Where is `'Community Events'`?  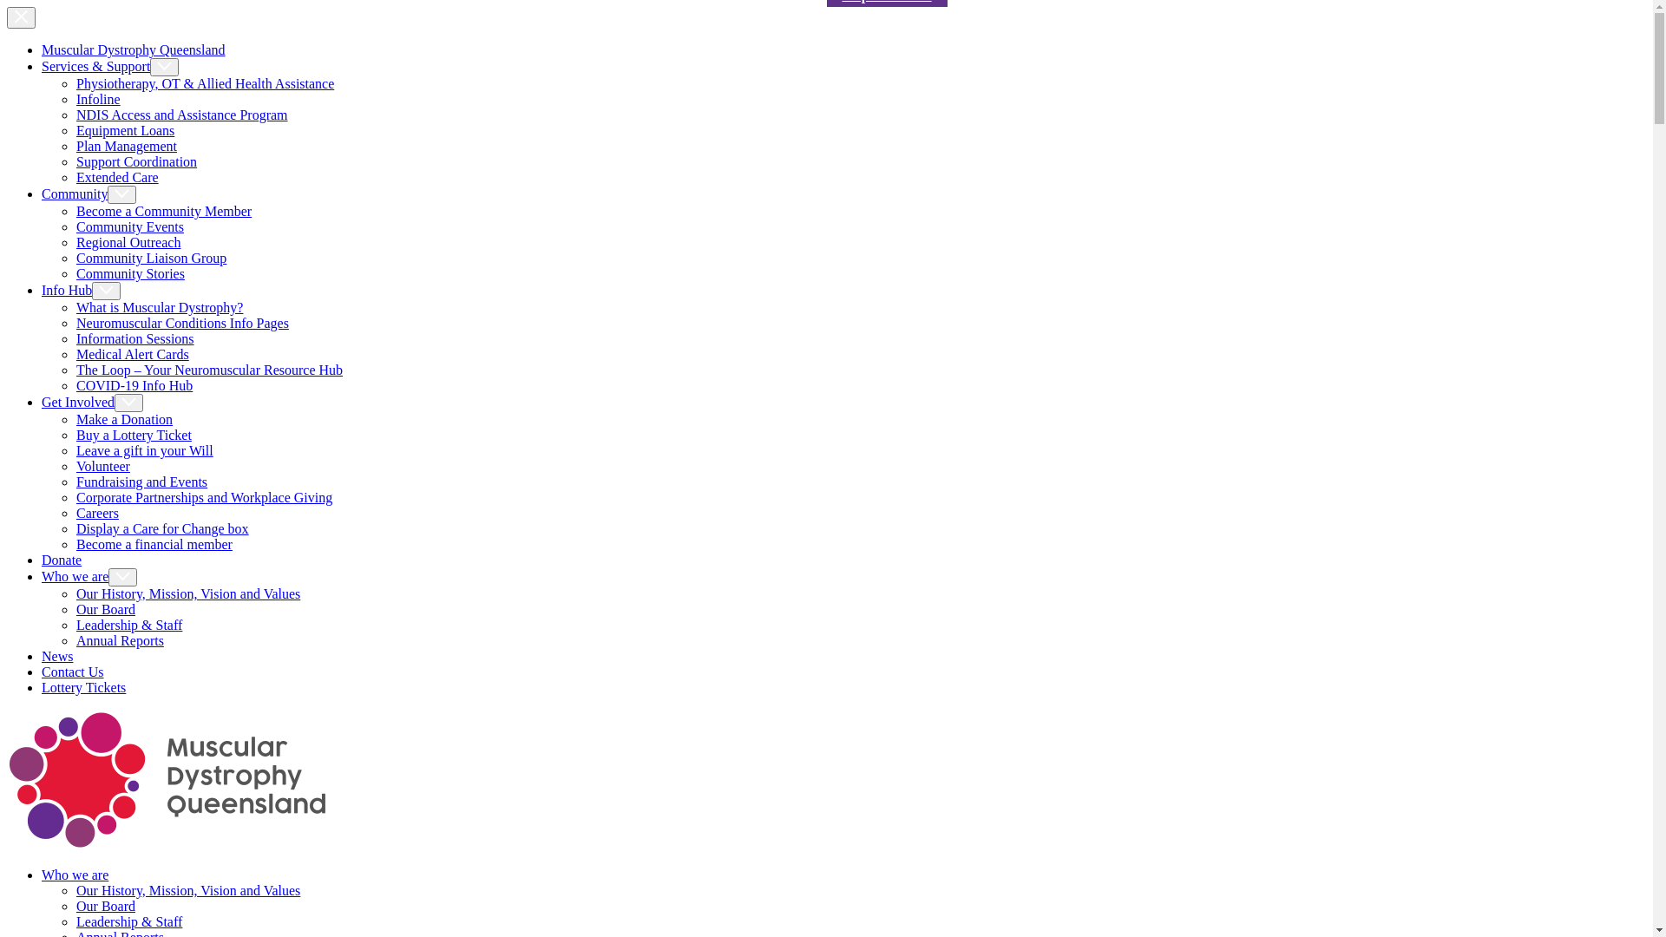 'Community Events' is located at coordinates (128, 226).